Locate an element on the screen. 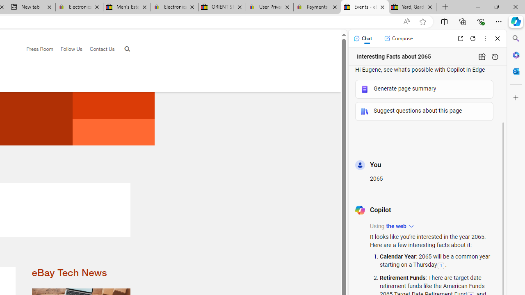 The width and height of the screenshot is (525, 295). 'Yard, Garden & Outdoor Living' is located at coordinates (413, 7).